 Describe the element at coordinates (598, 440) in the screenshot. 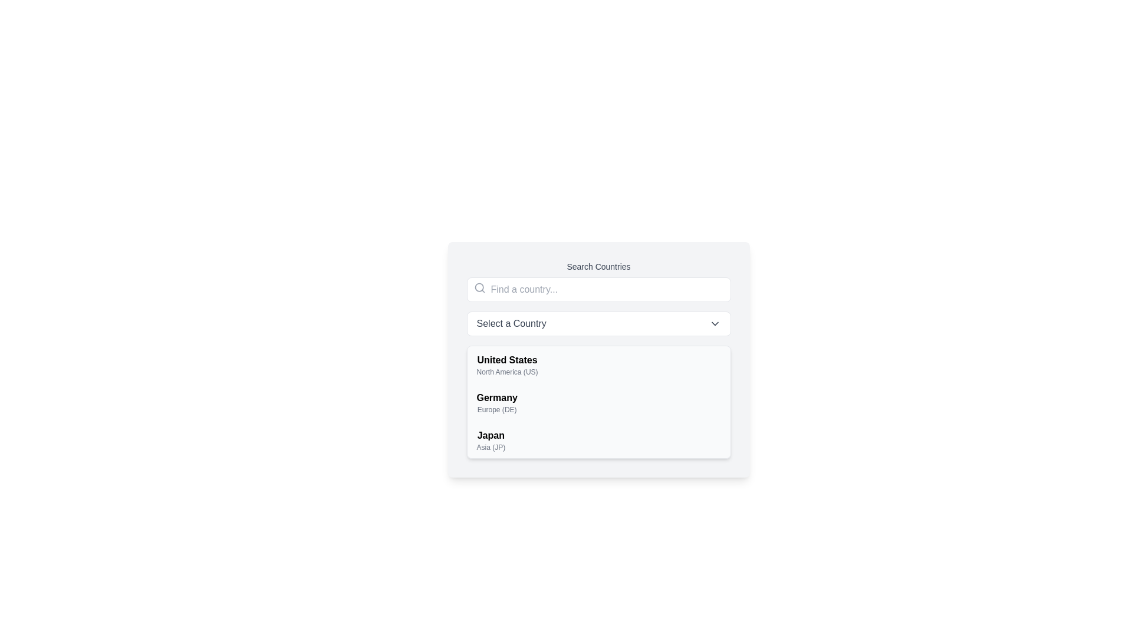

I see `the third entry in the selectable list that displays 'Japan' and 'Asia (JP)' to change its background` at that location.